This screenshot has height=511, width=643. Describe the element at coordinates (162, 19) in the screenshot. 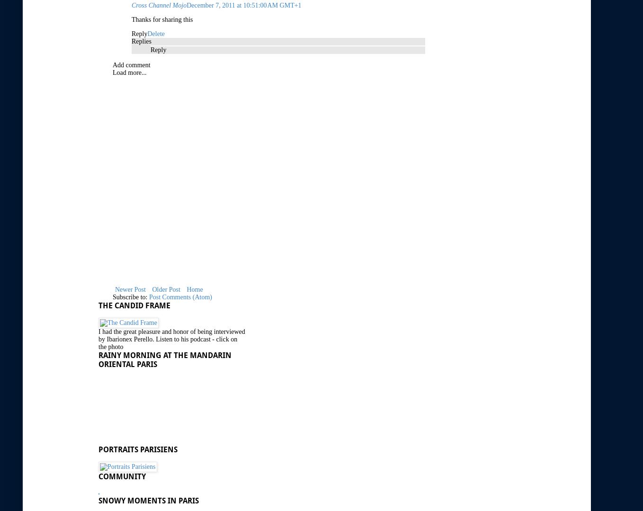

I see `'Thanks for sharing this'` at that location.